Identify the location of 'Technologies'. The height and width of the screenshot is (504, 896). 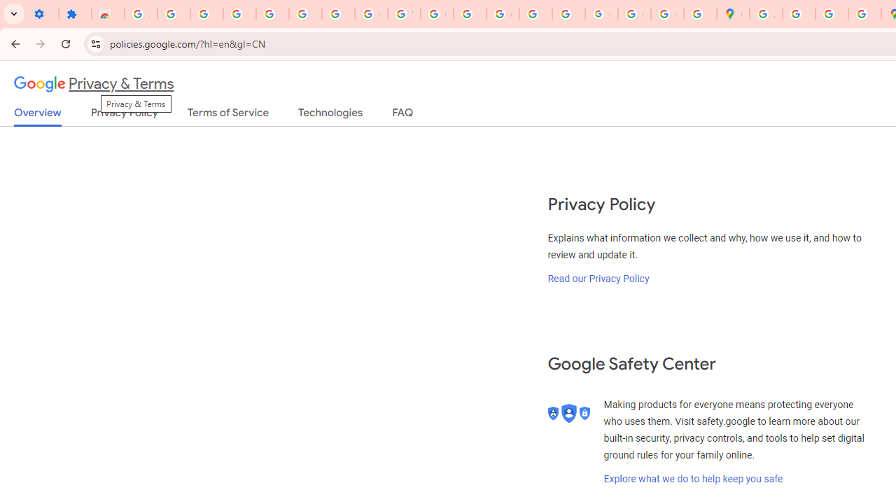
(330, 115).